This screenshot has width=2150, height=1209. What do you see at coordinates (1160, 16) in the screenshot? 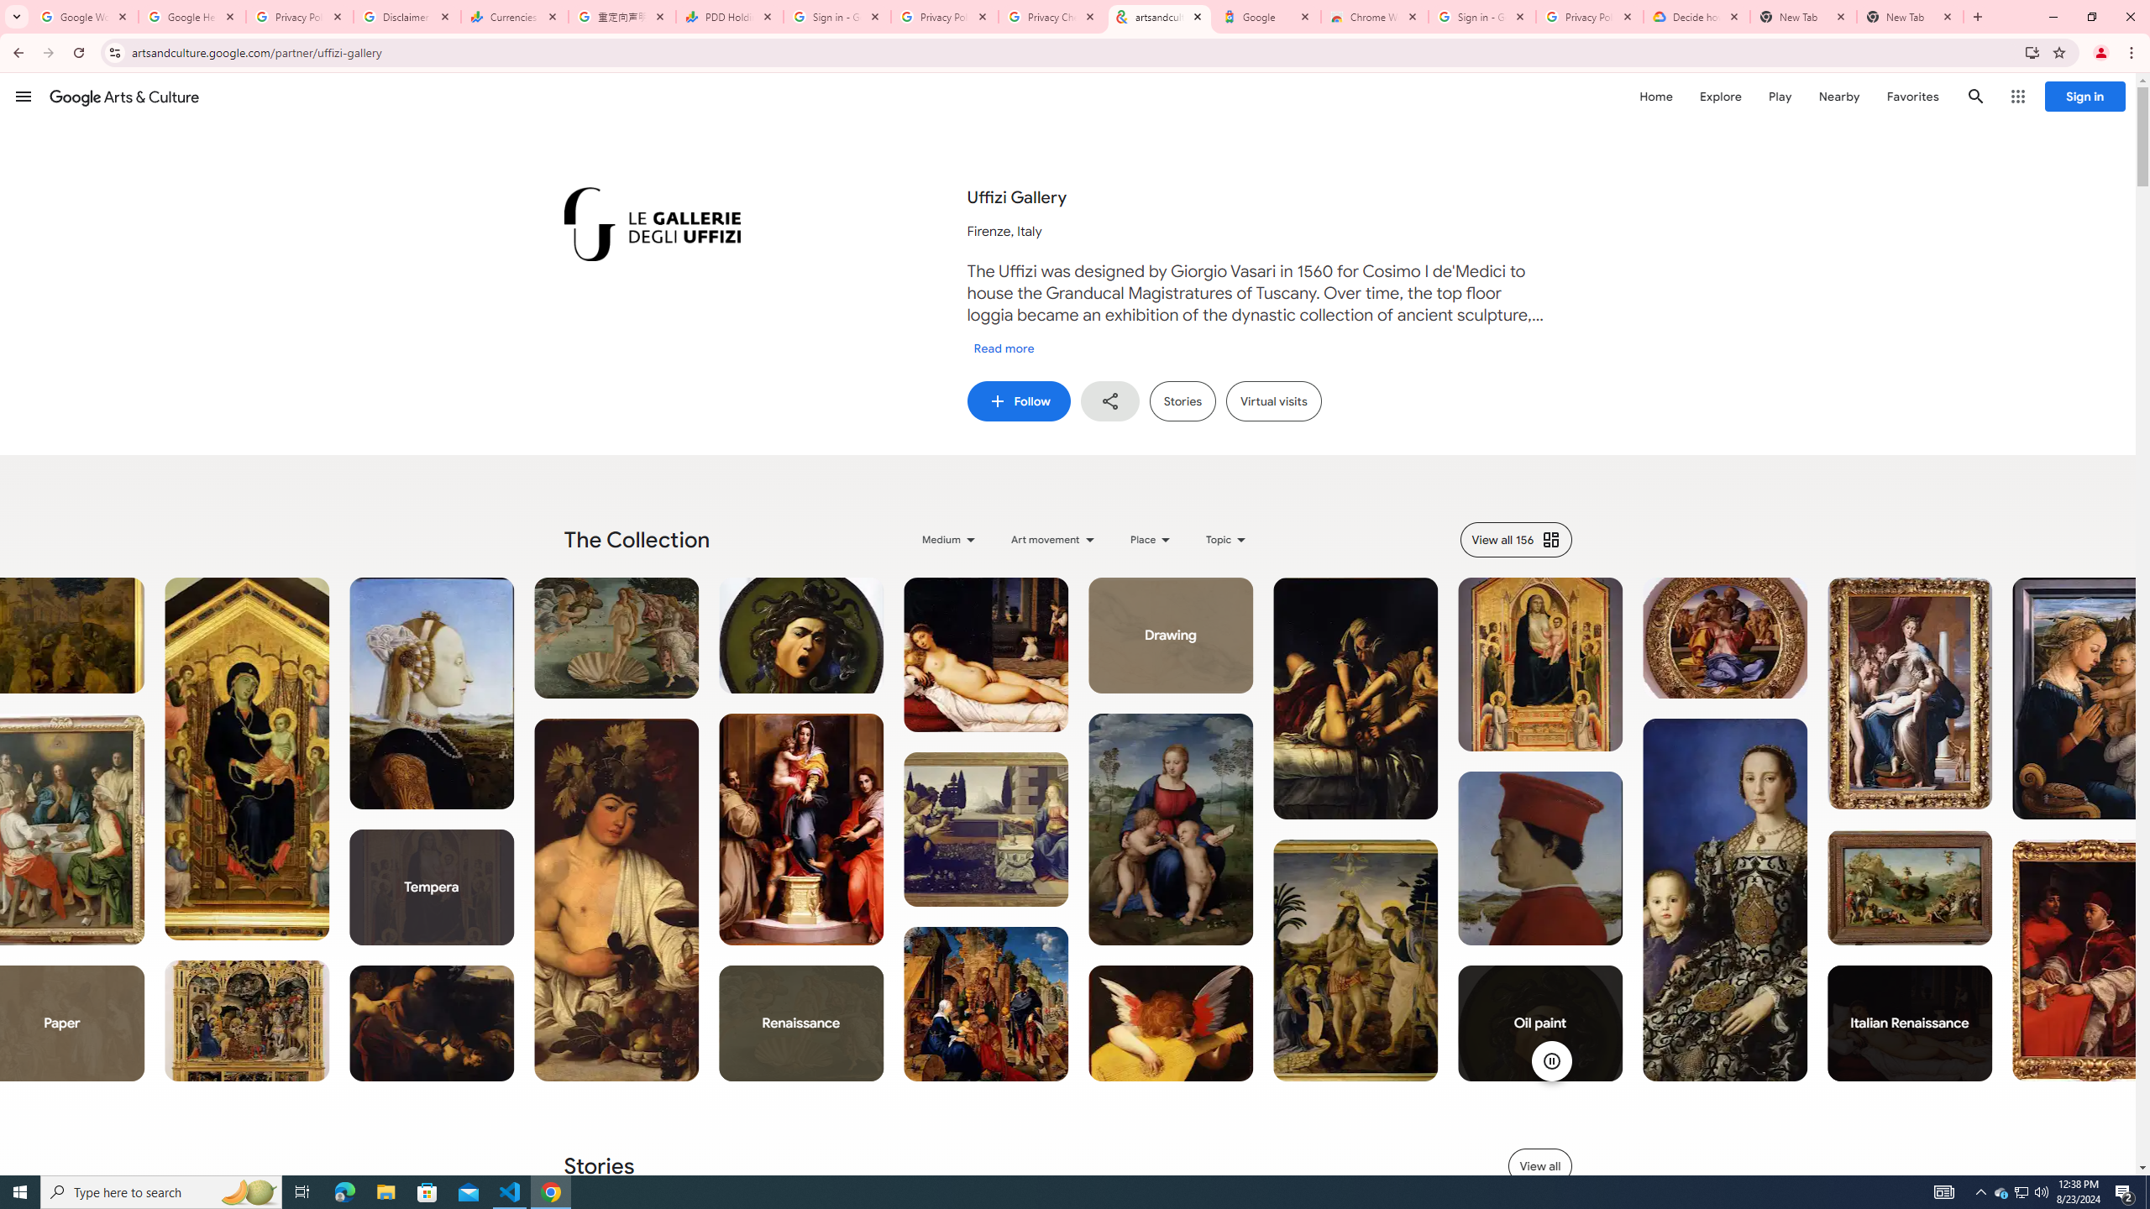
I see `'artsandculture.google.com/partner/uffizi-gallery'` at bounding box center [1160, 16].